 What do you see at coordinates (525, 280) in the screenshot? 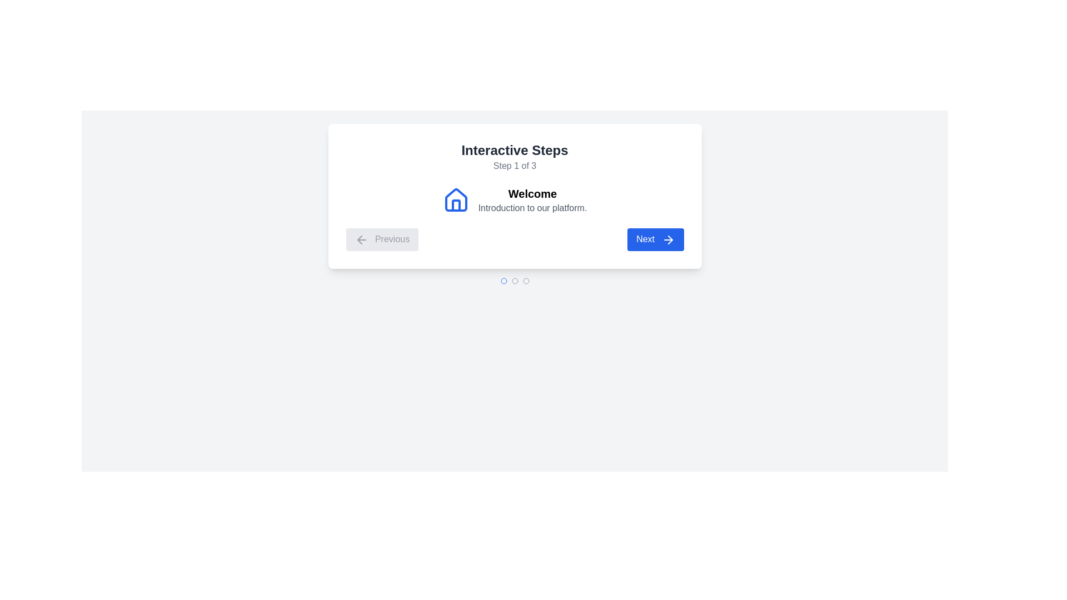
I see `the third circle indicator in the progression status indicator component, which is located horizontally below the main interactive content card` at bounding box center [525, 280].